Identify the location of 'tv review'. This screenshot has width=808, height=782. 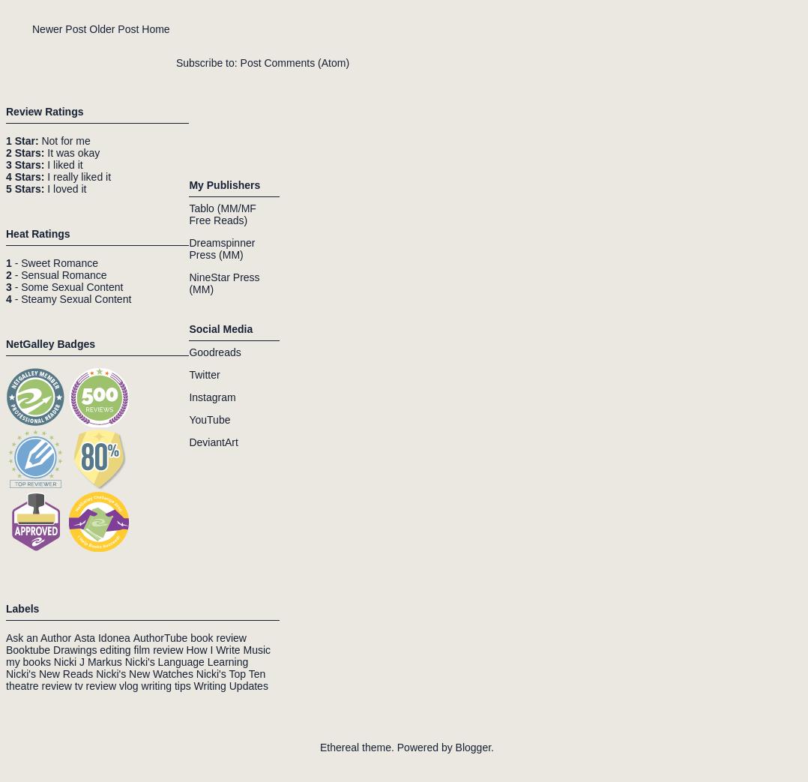
(94, 684).